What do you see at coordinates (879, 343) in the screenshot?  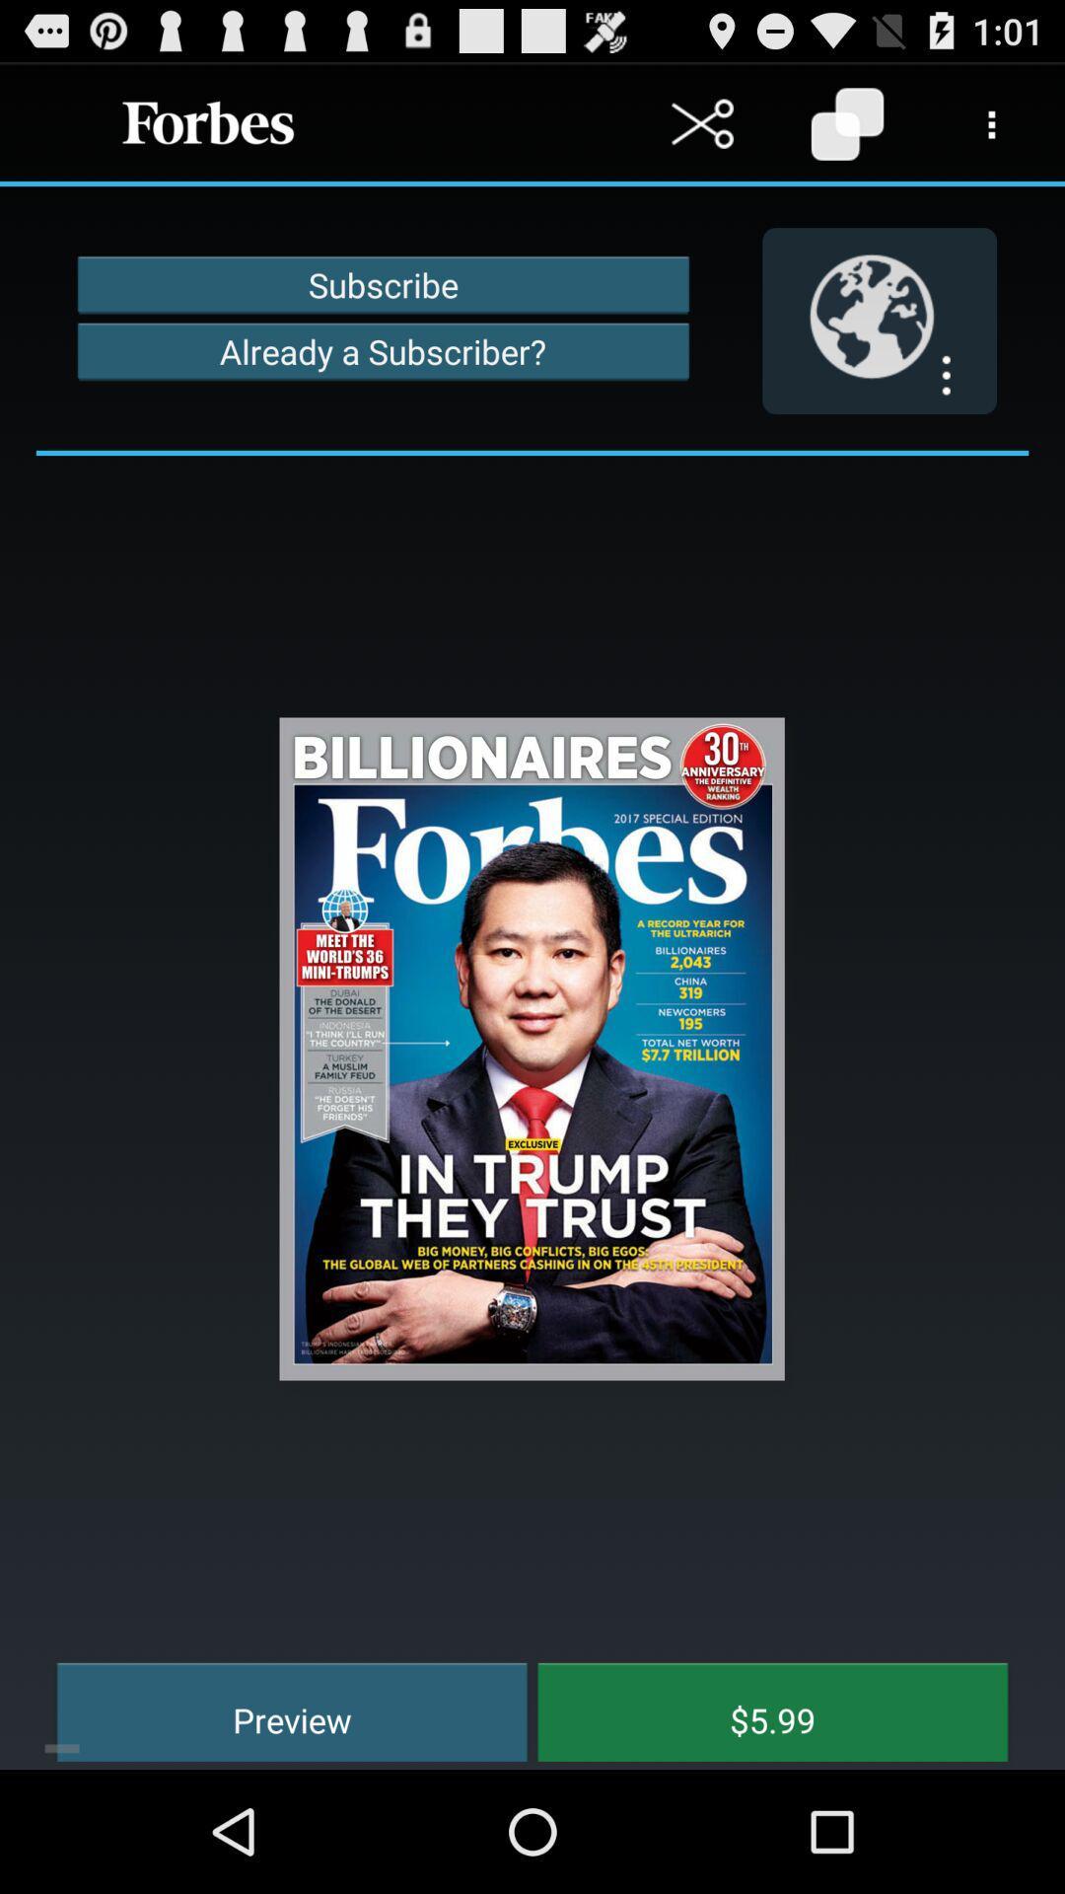 I see `the globe icon` at bounding box center [879, 343].